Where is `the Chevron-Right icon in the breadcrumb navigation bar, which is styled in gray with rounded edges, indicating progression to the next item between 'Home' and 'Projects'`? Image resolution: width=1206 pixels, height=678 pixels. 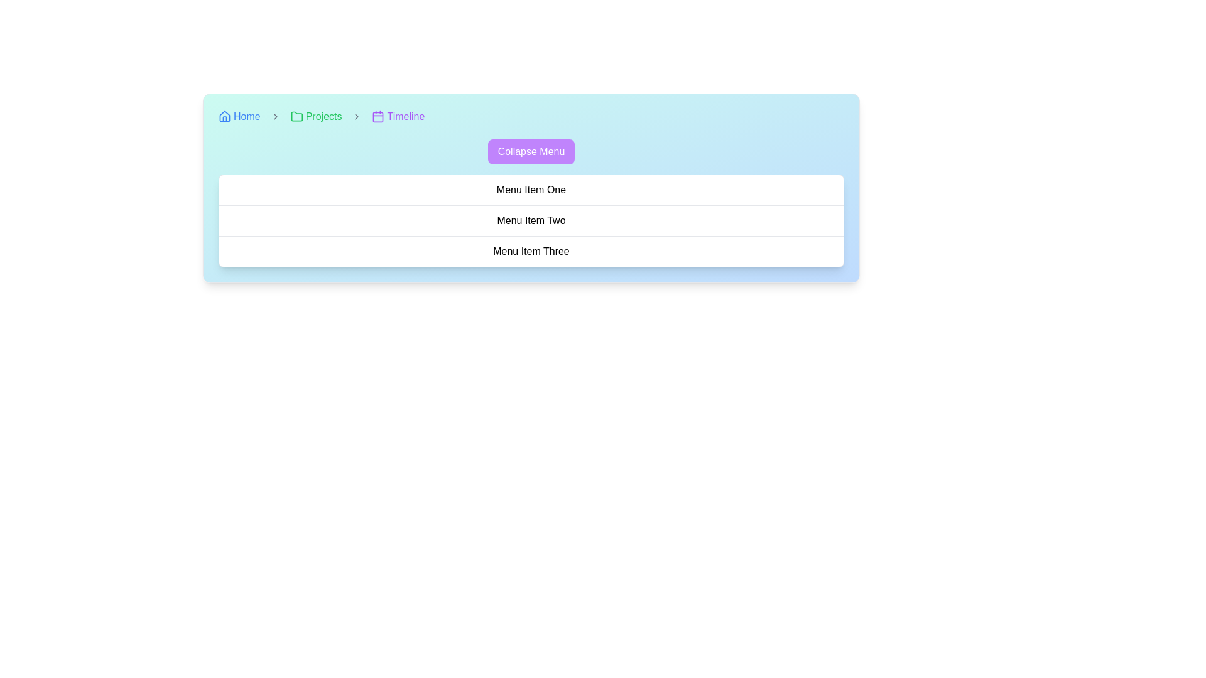
the Chevron-Right icon in the breadcrumb navigation bar, which is styled in gray with rounded edges, indicating progression to the next item between 'Home' and 'Projects' is located at coordinates (274, 116).